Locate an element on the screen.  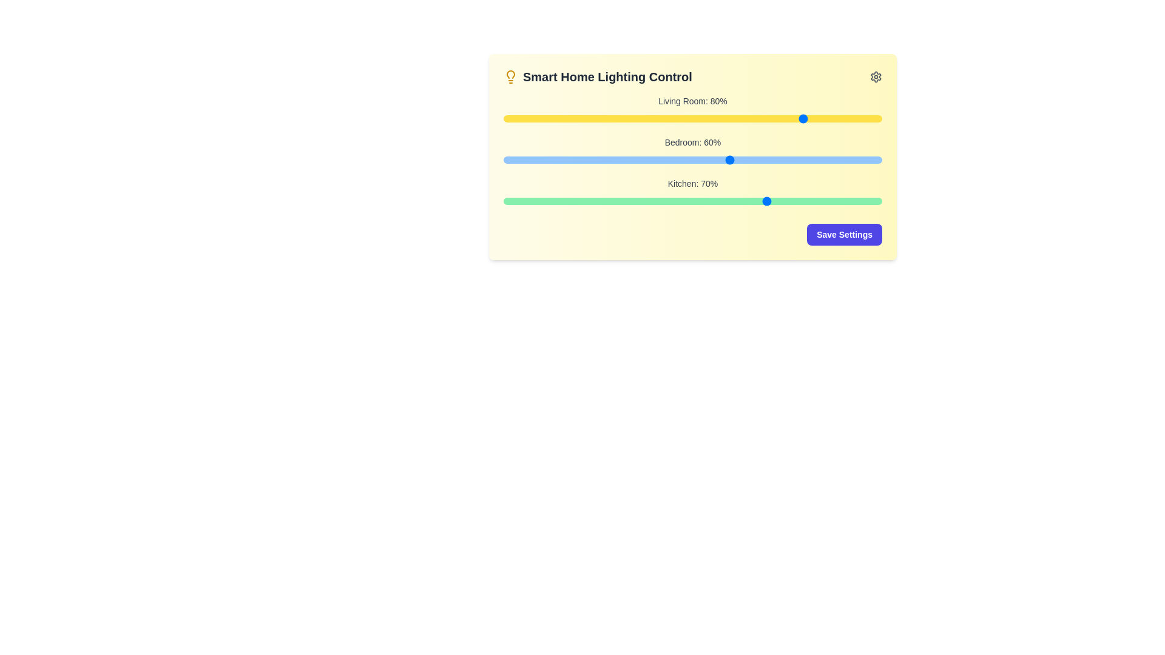
Header with icons section that contains a light bulb icon, the text 'Smart Home Lighting Control', and a gear icon, located at the top of the card-like structure, for visual details is located at coordinates (693, 77).